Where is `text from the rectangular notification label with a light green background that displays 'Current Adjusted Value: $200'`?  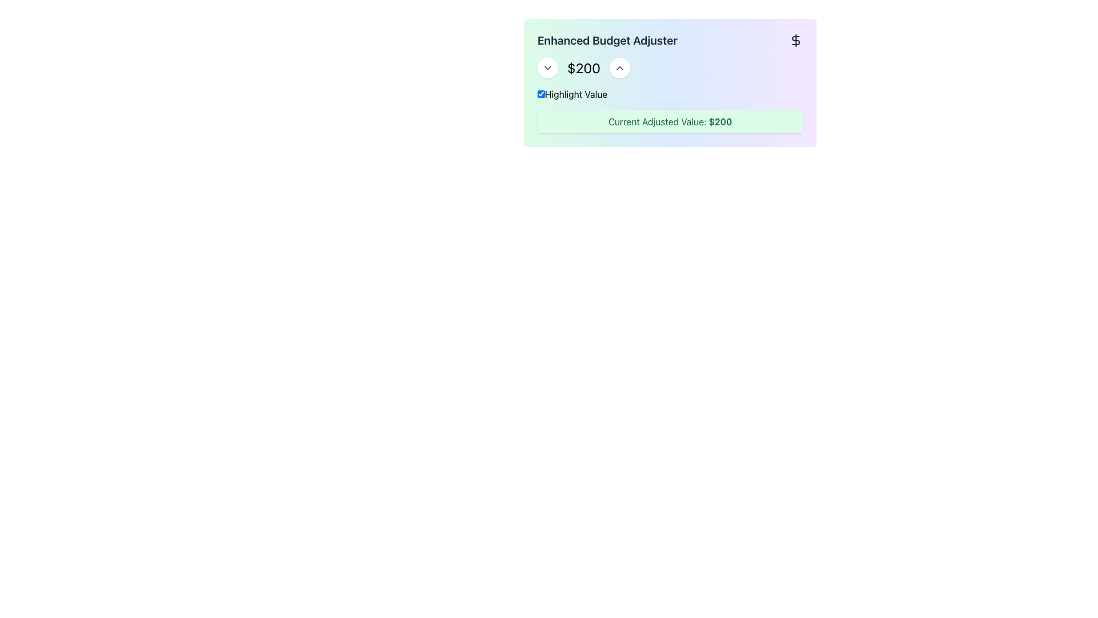
text from the rectangular notification label with a light green background that displays 'Current Adjusted Value: $200' is located at coordinates (670, 121).